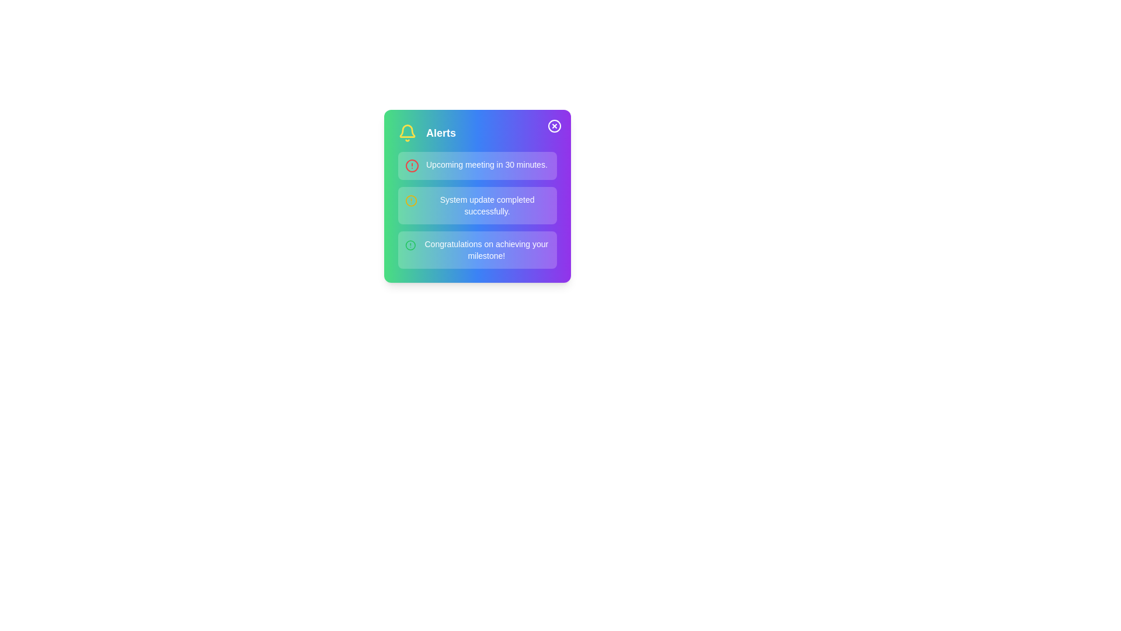  I want to click on the notification displayed in the gradient-styled Text Block with Icon that contains alert messages, specifically indicating 'System update completed successfully.', so click(477, 195).